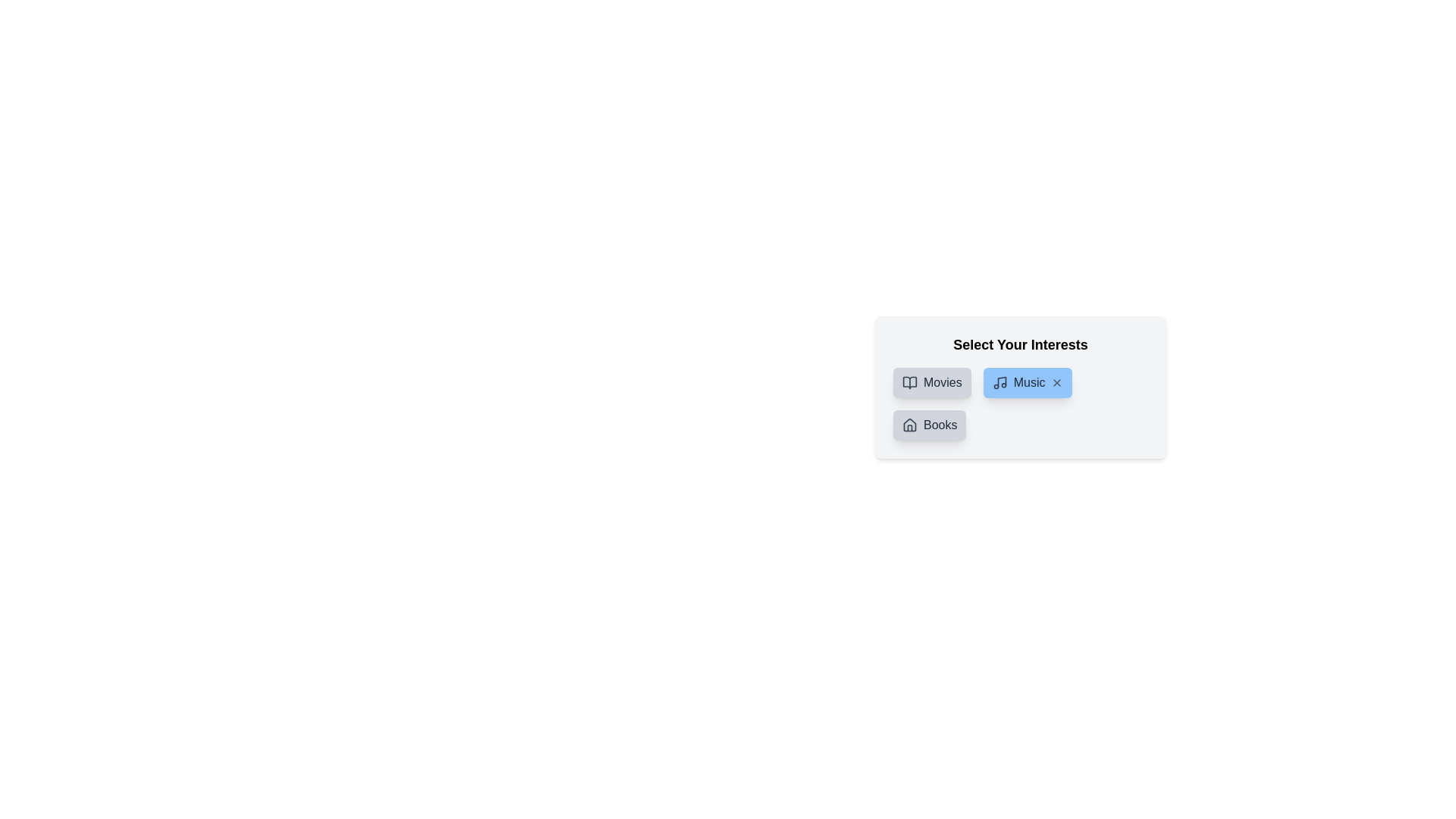 This screenshot has width=1456, height=819. I want to click on the category Books to inspect the color change, so click(928, 425).